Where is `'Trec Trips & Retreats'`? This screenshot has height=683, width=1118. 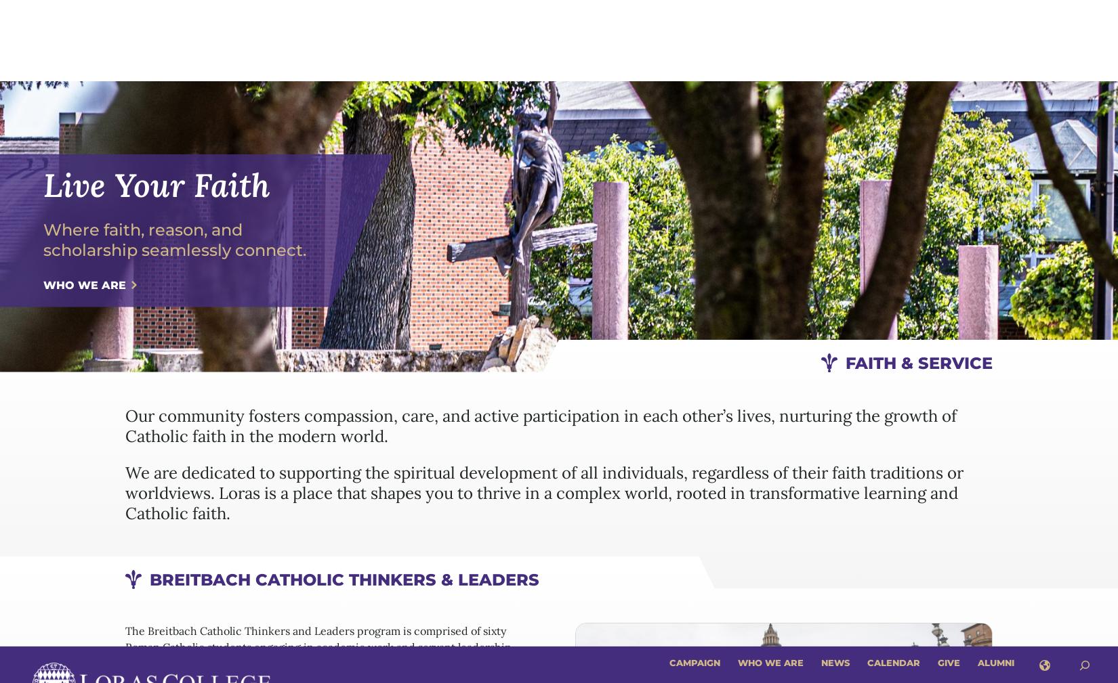 'Trec Trips & Retreats' is located at coordinates (642, 374).